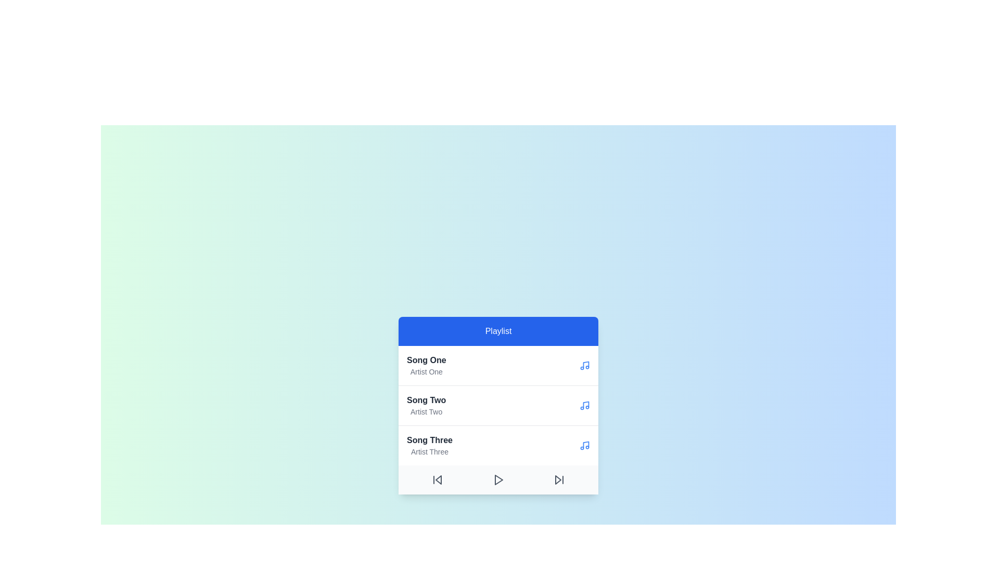 The width and height of the screenshot is (999, 561). What do you see at coordinates (559, 480) in the screenshot?
I see `the 'Skip Forward' button to skip to the next song` at bounding box center [559, 480].